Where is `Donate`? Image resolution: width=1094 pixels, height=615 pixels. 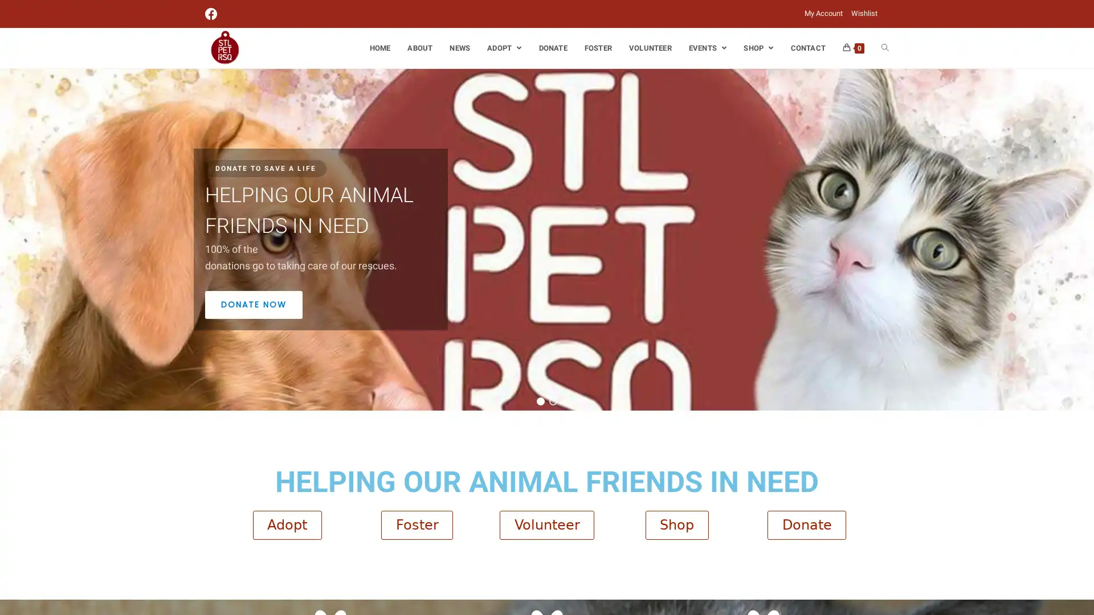 Donate is located at coordinates (540, 400).